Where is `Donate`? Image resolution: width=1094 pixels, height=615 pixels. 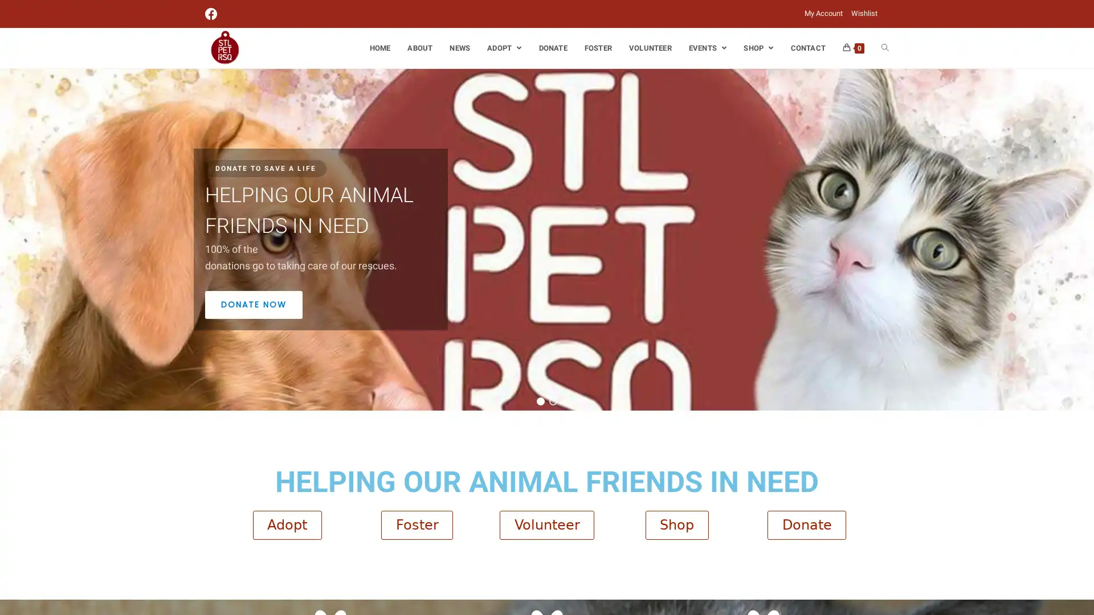 Donate is located at coordinates (540, 400).